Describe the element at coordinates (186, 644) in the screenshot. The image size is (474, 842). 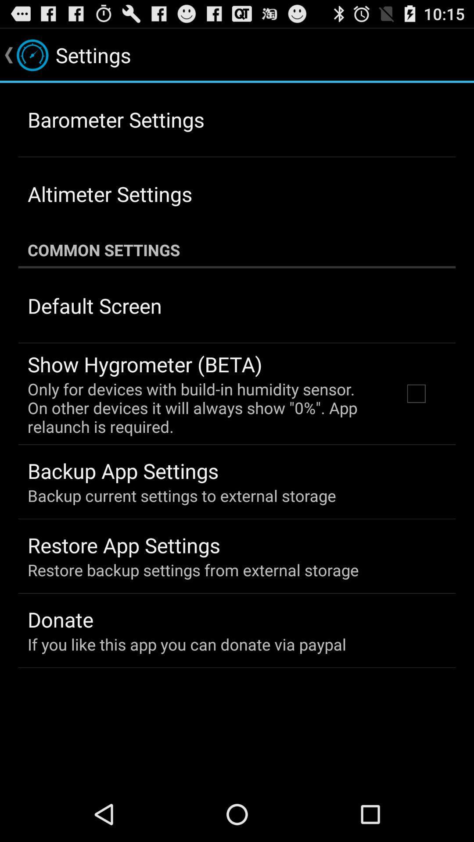
I see `the if you like app` at that location.